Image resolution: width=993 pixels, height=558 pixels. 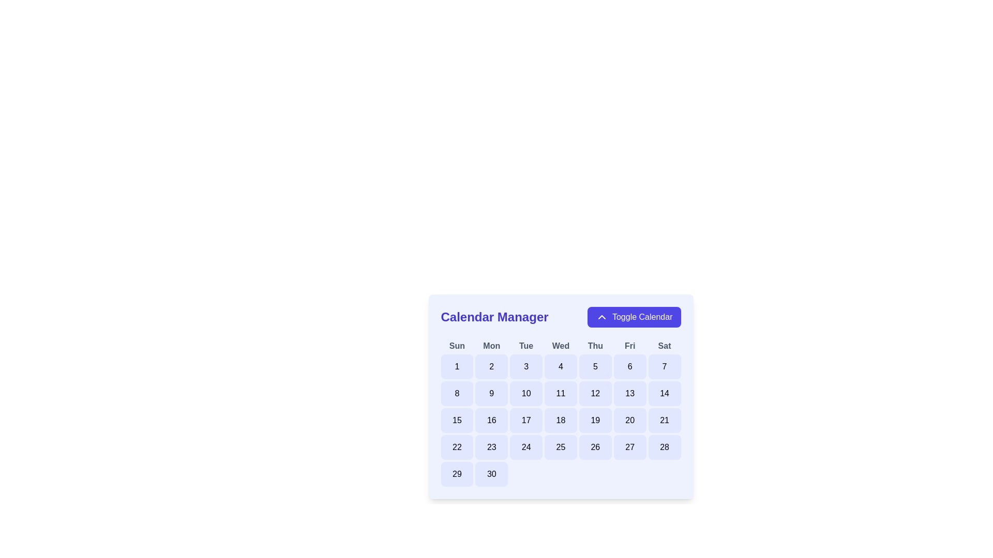 I want to click on the rectangular button with rounded corners displaying the number '15' in bold text, located in the first column of the third row of a calendar grid, so click(x=456, y=420).